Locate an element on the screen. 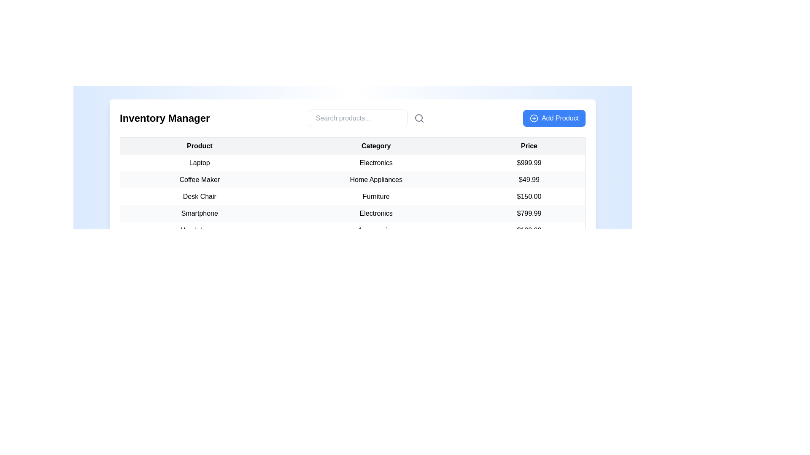  the circular search icon component of the magnifying glass SVG located at the top-right corner of the interface, adjacent to the search input field is located at coordinates (418, 118).